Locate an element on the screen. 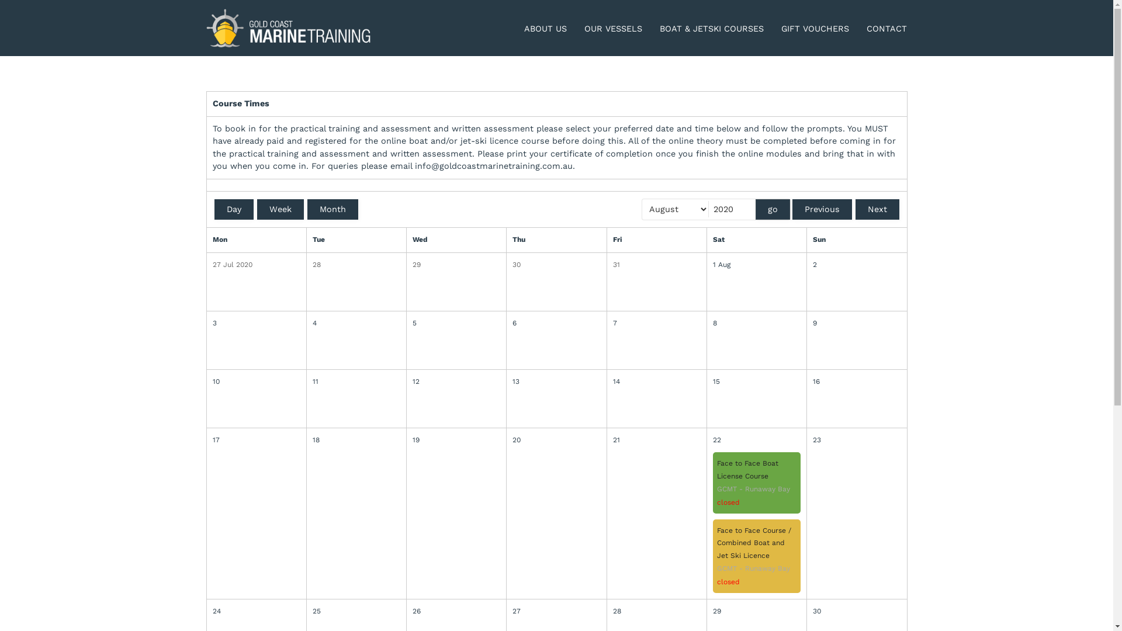 This screenshot has height=631, width=1122. '7' is located at coordinates (612, 324).